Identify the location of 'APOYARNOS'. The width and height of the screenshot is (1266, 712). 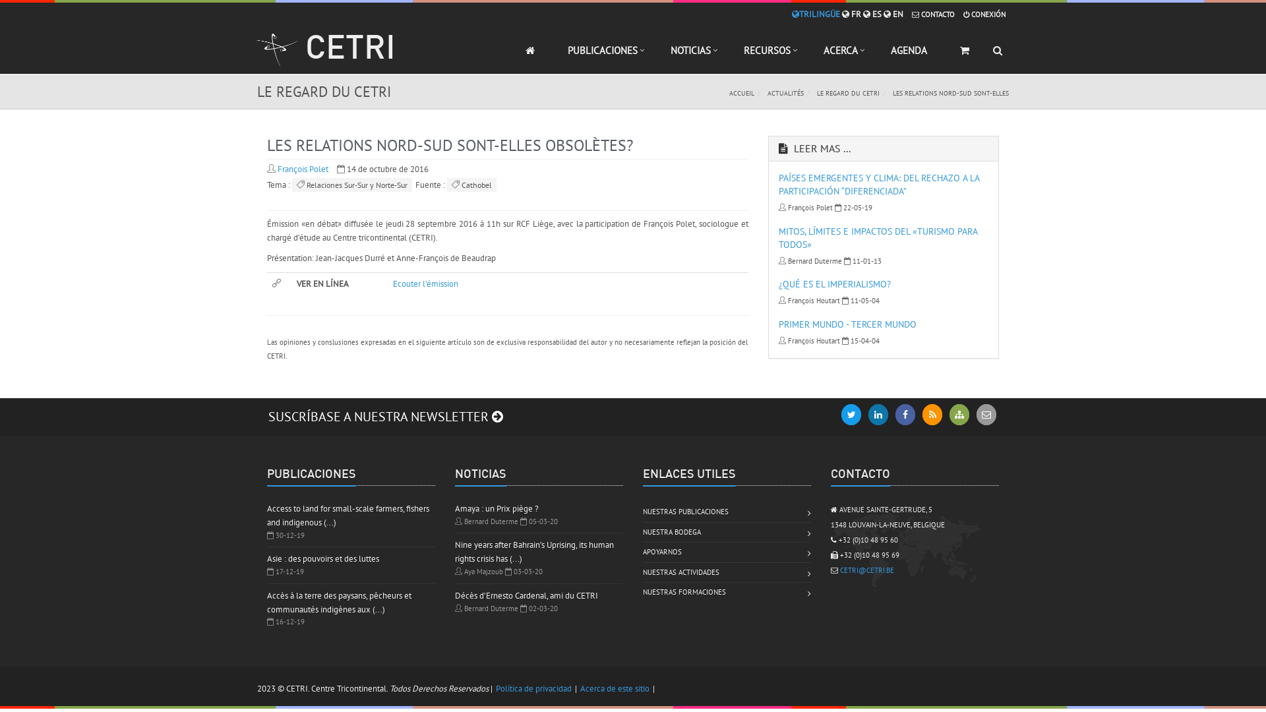
(662, 552).